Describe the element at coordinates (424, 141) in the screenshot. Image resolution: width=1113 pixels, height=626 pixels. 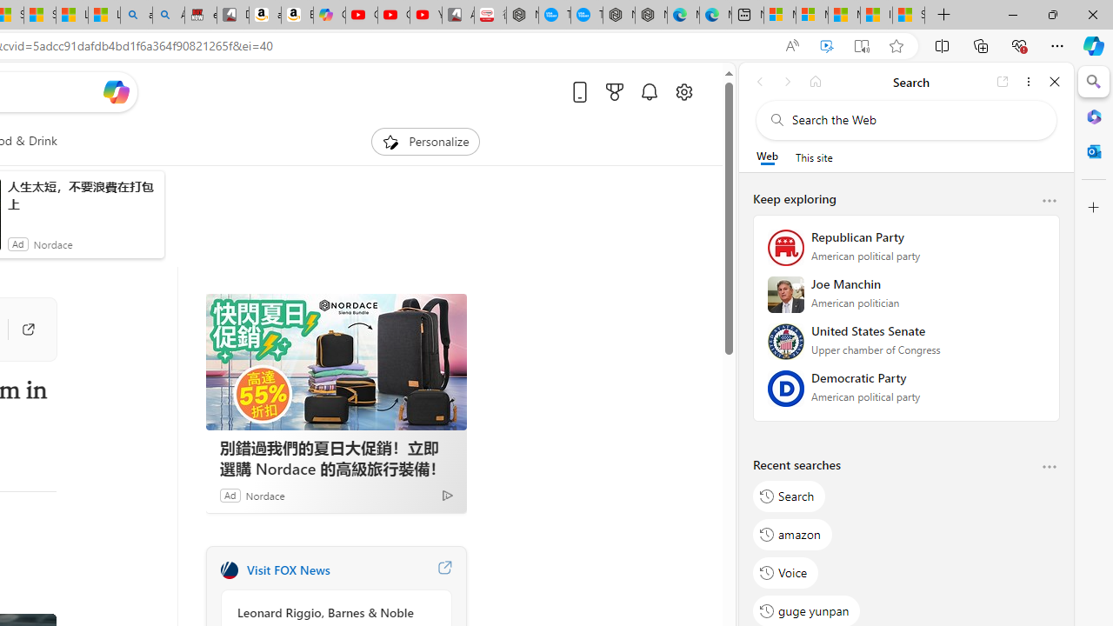
I see `'Personalize'` at that location.